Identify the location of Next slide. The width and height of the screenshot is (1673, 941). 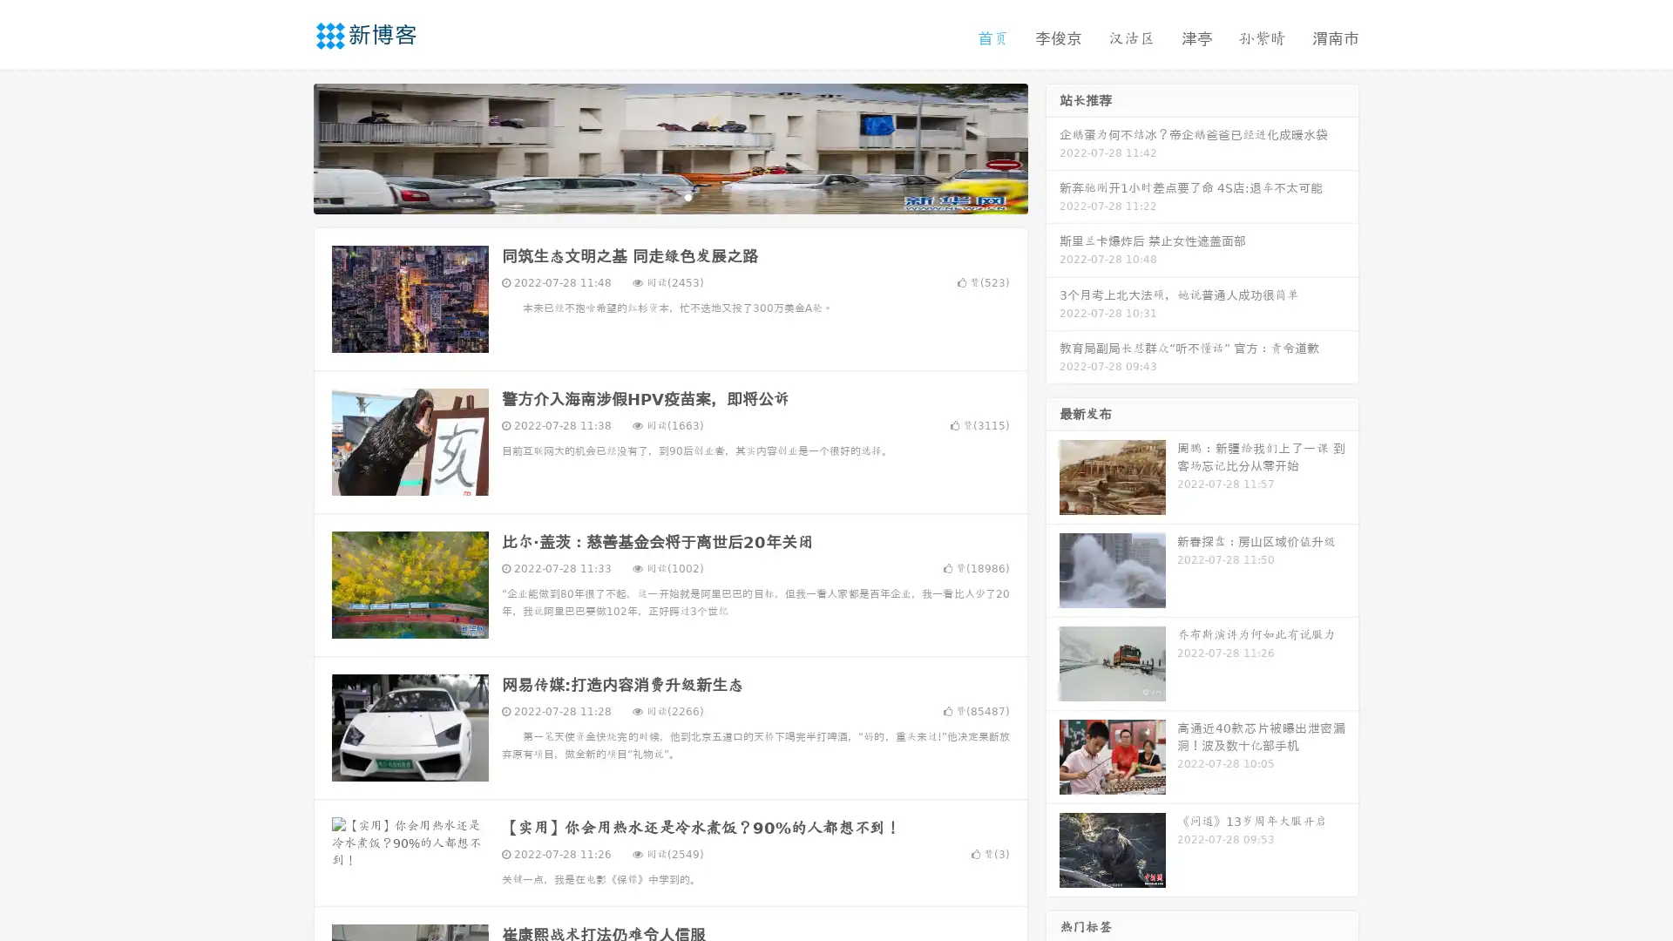
(1053, 146).